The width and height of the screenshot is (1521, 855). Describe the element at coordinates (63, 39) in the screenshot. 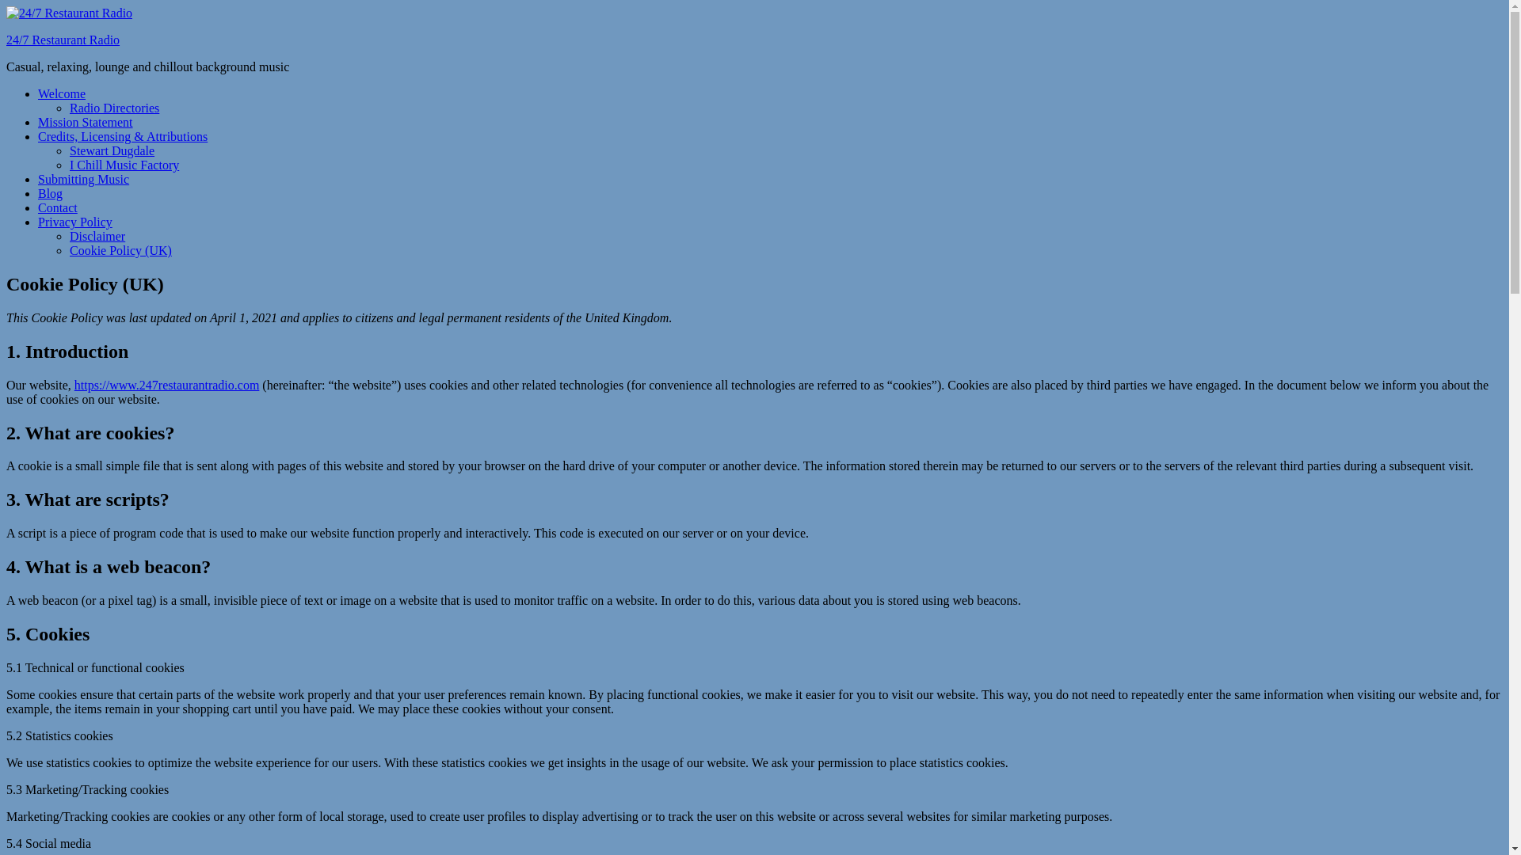

I see `'24/7 Restaurant Radio'` at that location.